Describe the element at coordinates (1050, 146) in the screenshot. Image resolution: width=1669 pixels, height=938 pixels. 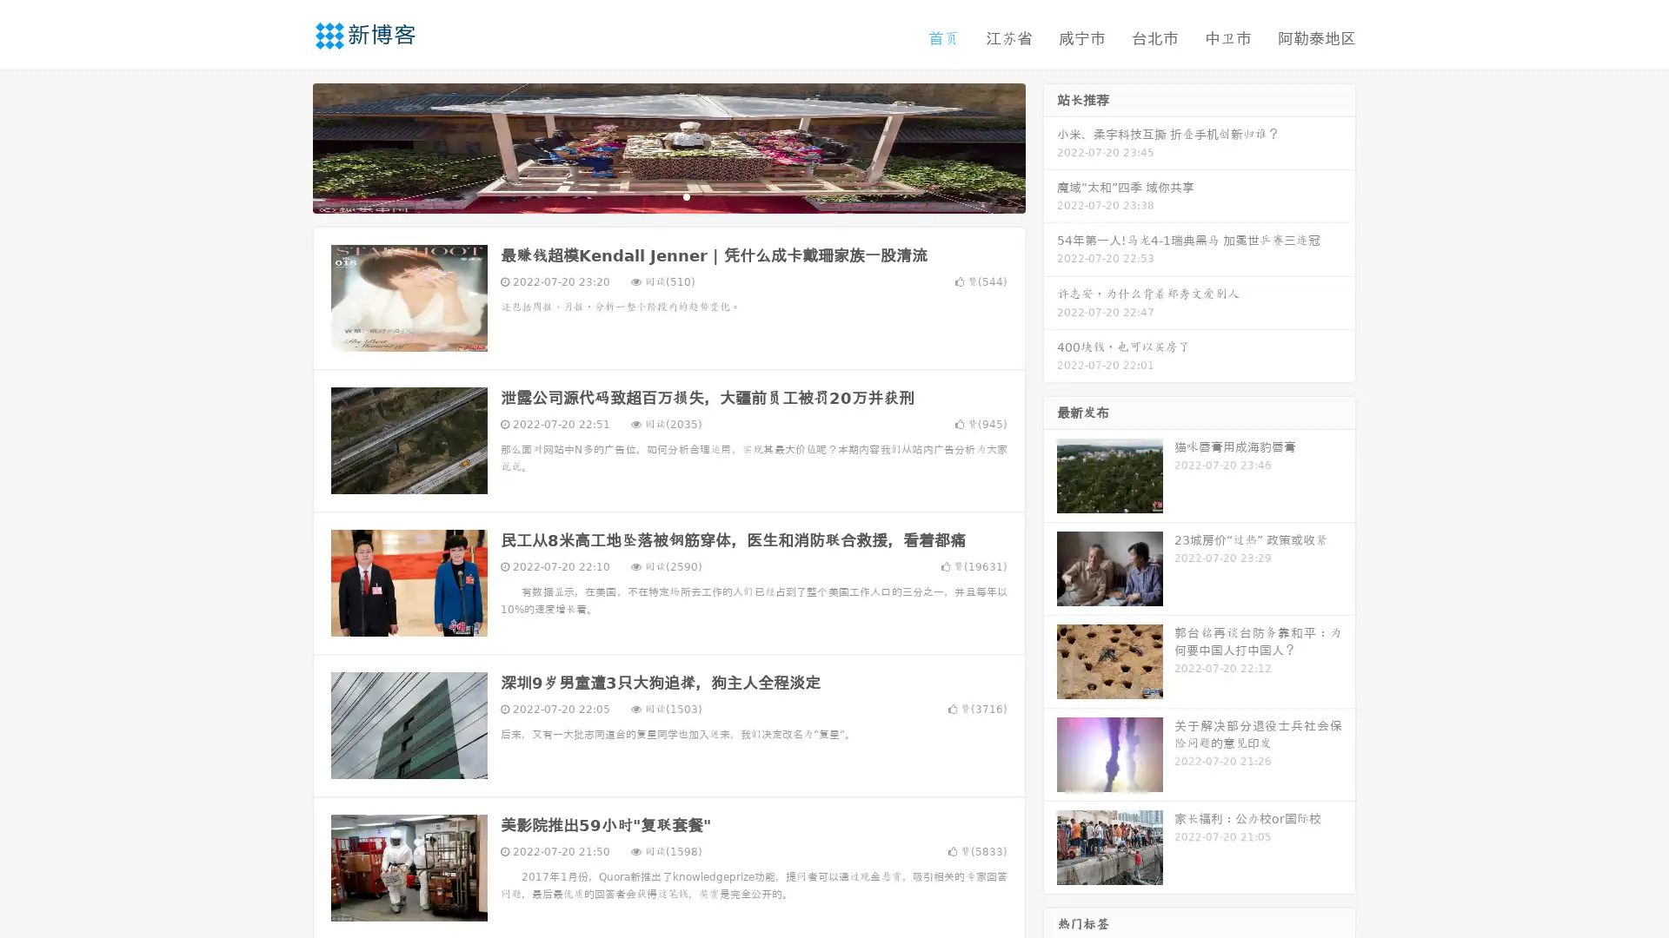
I see `Next slide` at that location.